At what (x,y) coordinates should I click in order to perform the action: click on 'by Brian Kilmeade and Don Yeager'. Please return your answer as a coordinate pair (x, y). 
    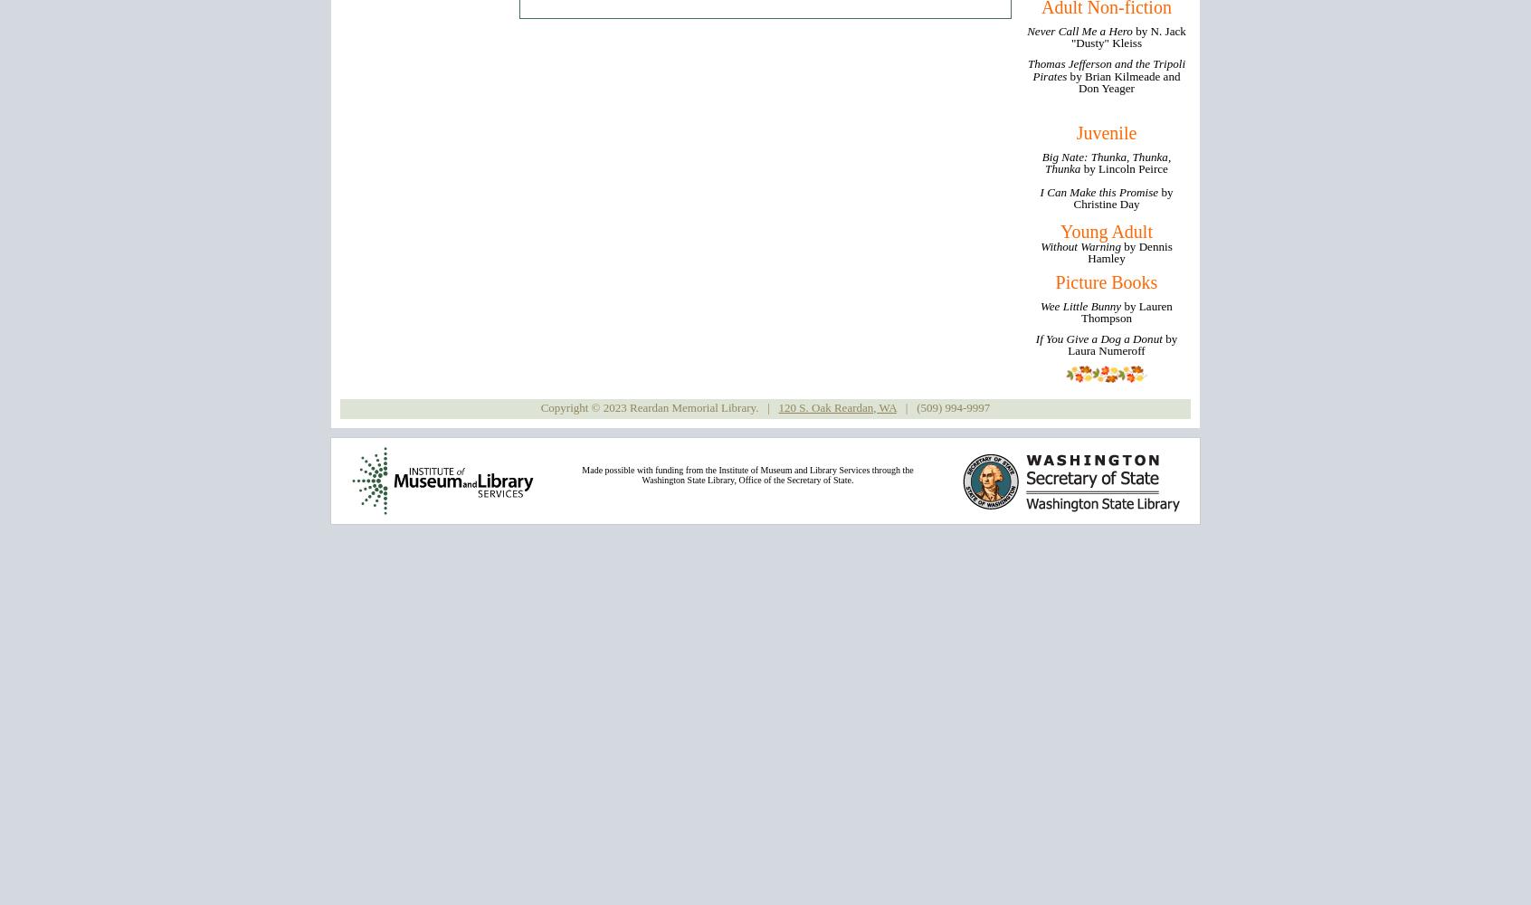
    Looking at the image, I should click on (1069, 81).